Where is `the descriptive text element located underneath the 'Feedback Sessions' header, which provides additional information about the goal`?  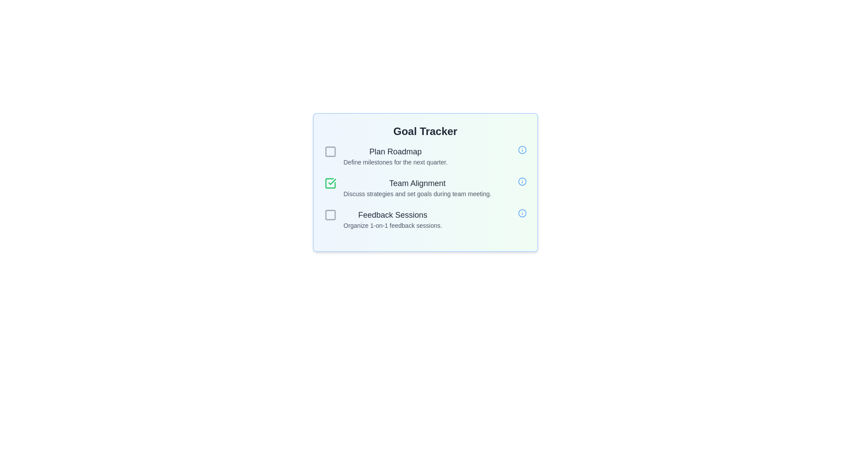
the descriptive text element located underneath the 'Feedback Sessions' header, which provides additional information about the goal is located at coordinates (392, 225).